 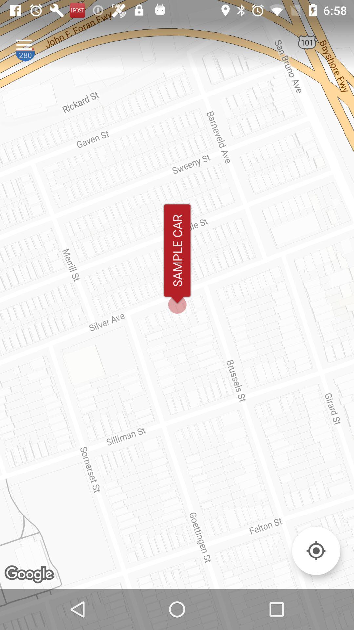 I want to click on the location_crosshair icon, so click(x=316, y=551).